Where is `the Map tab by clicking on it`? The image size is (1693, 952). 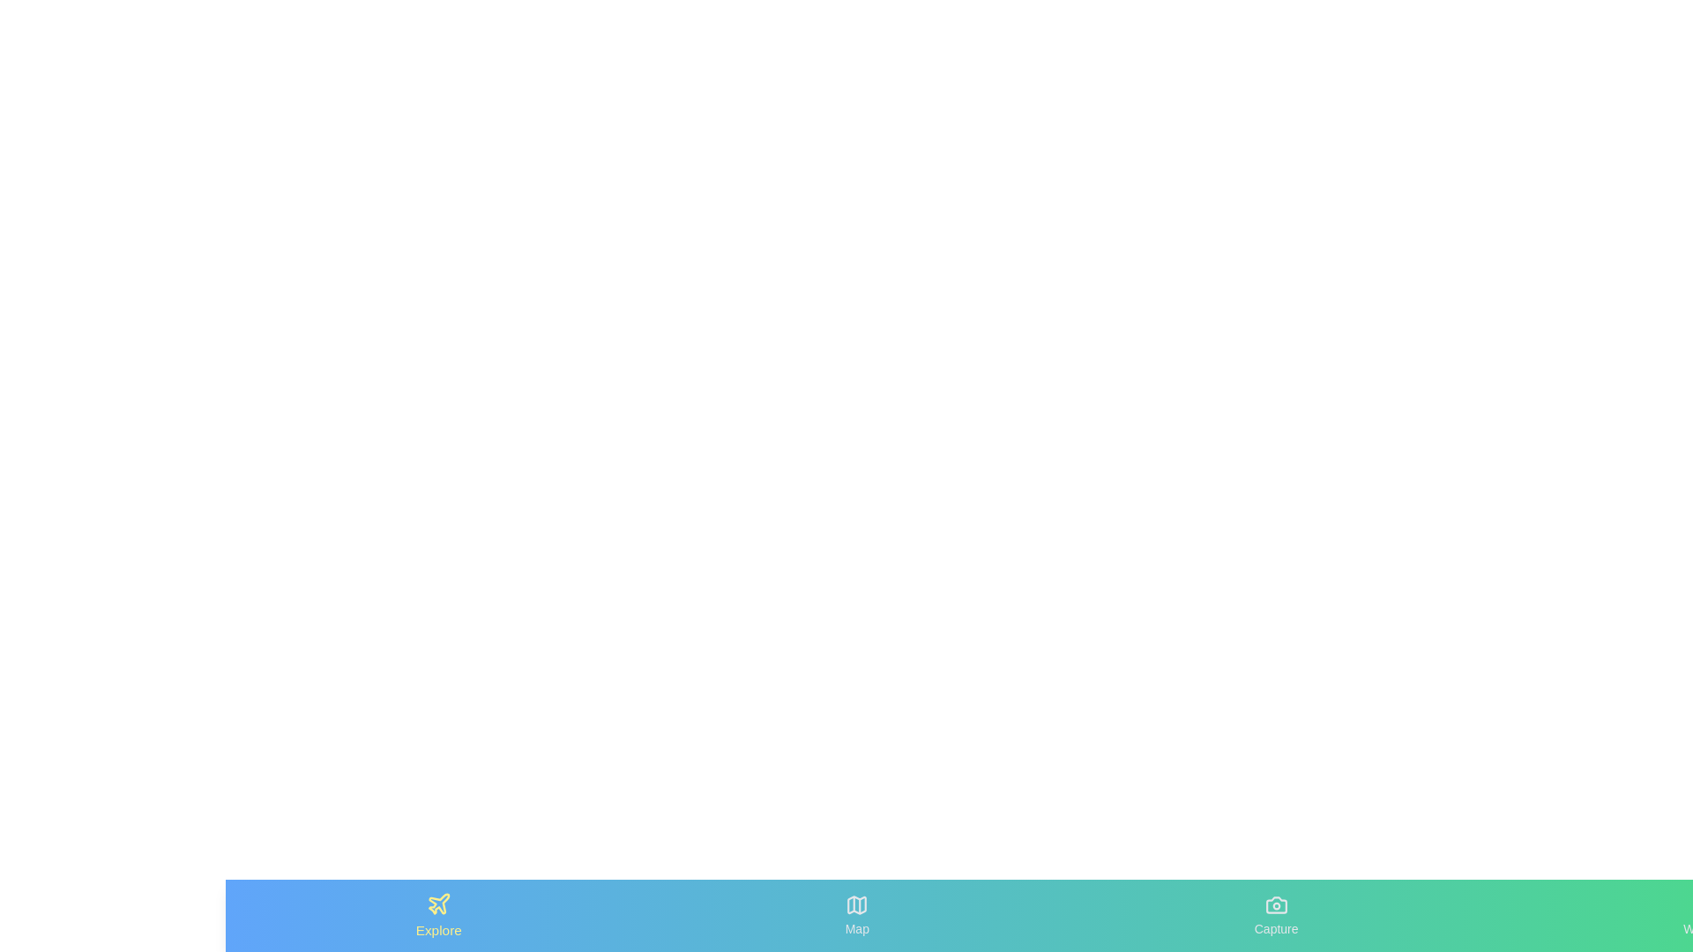
the Map tab by clicking on it is located at coordinates (856, 914).